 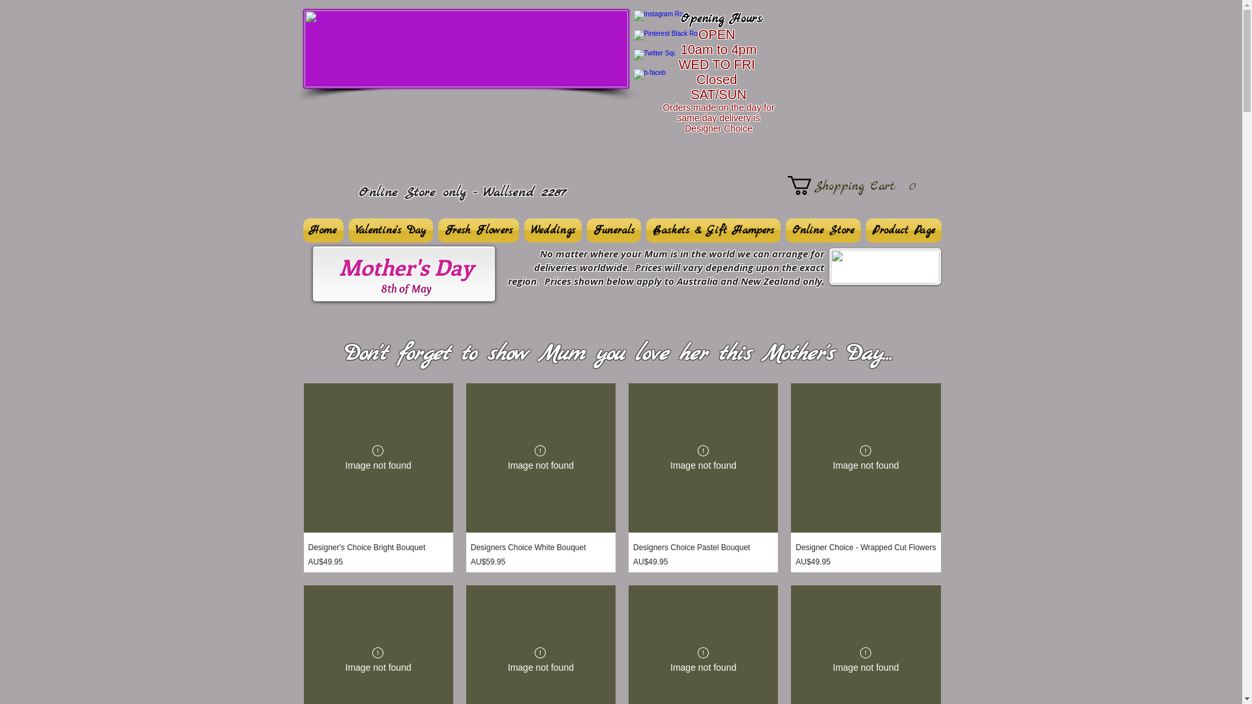 I want to click on 'Funerals', so click(x=613, y=229).